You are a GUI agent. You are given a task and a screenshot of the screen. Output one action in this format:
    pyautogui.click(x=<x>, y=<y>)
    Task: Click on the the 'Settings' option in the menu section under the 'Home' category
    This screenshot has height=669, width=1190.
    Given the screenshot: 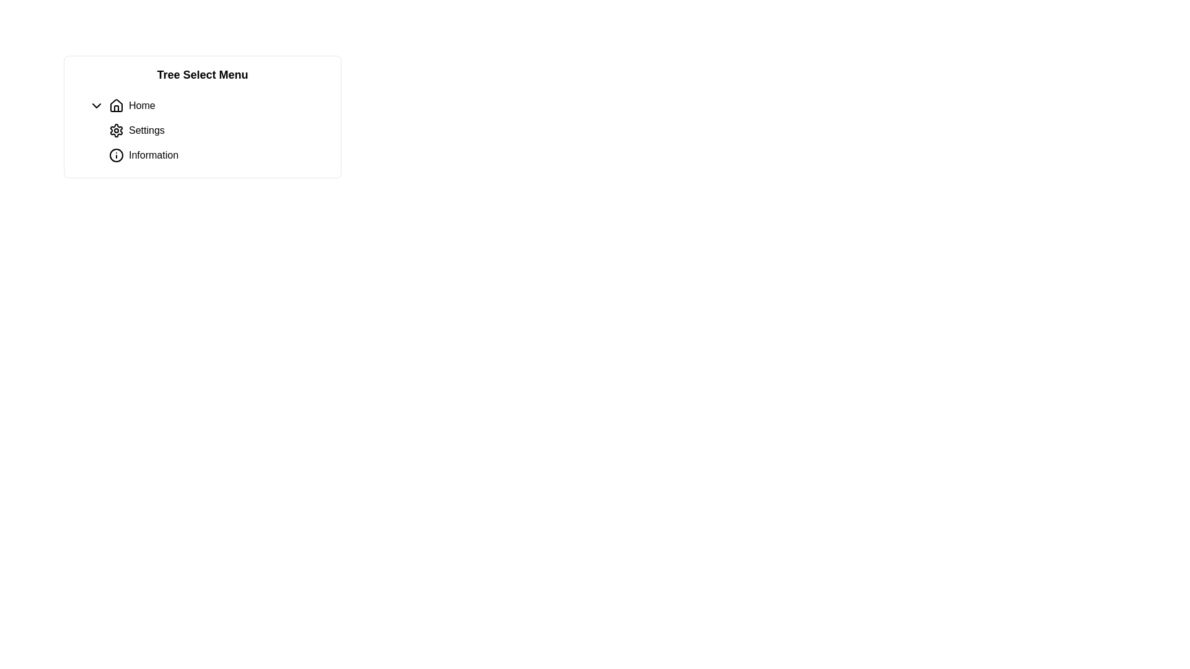 What is the action you would take?
    pyautogui.click(x=212, y=142)
    